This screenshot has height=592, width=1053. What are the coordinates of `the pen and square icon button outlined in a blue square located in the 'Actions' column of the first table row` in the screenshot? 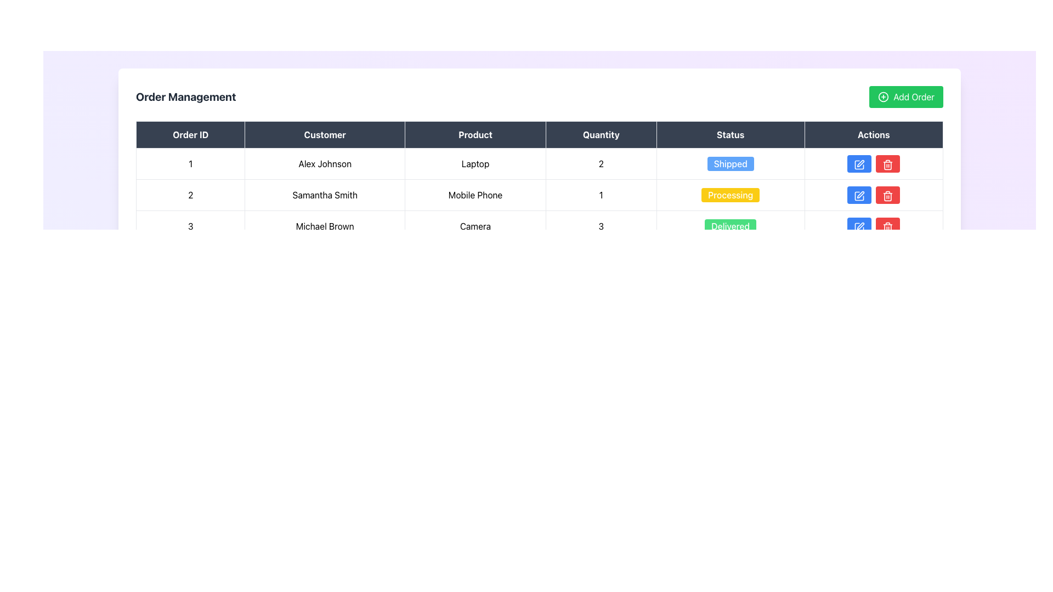 It's located at (859, 164).